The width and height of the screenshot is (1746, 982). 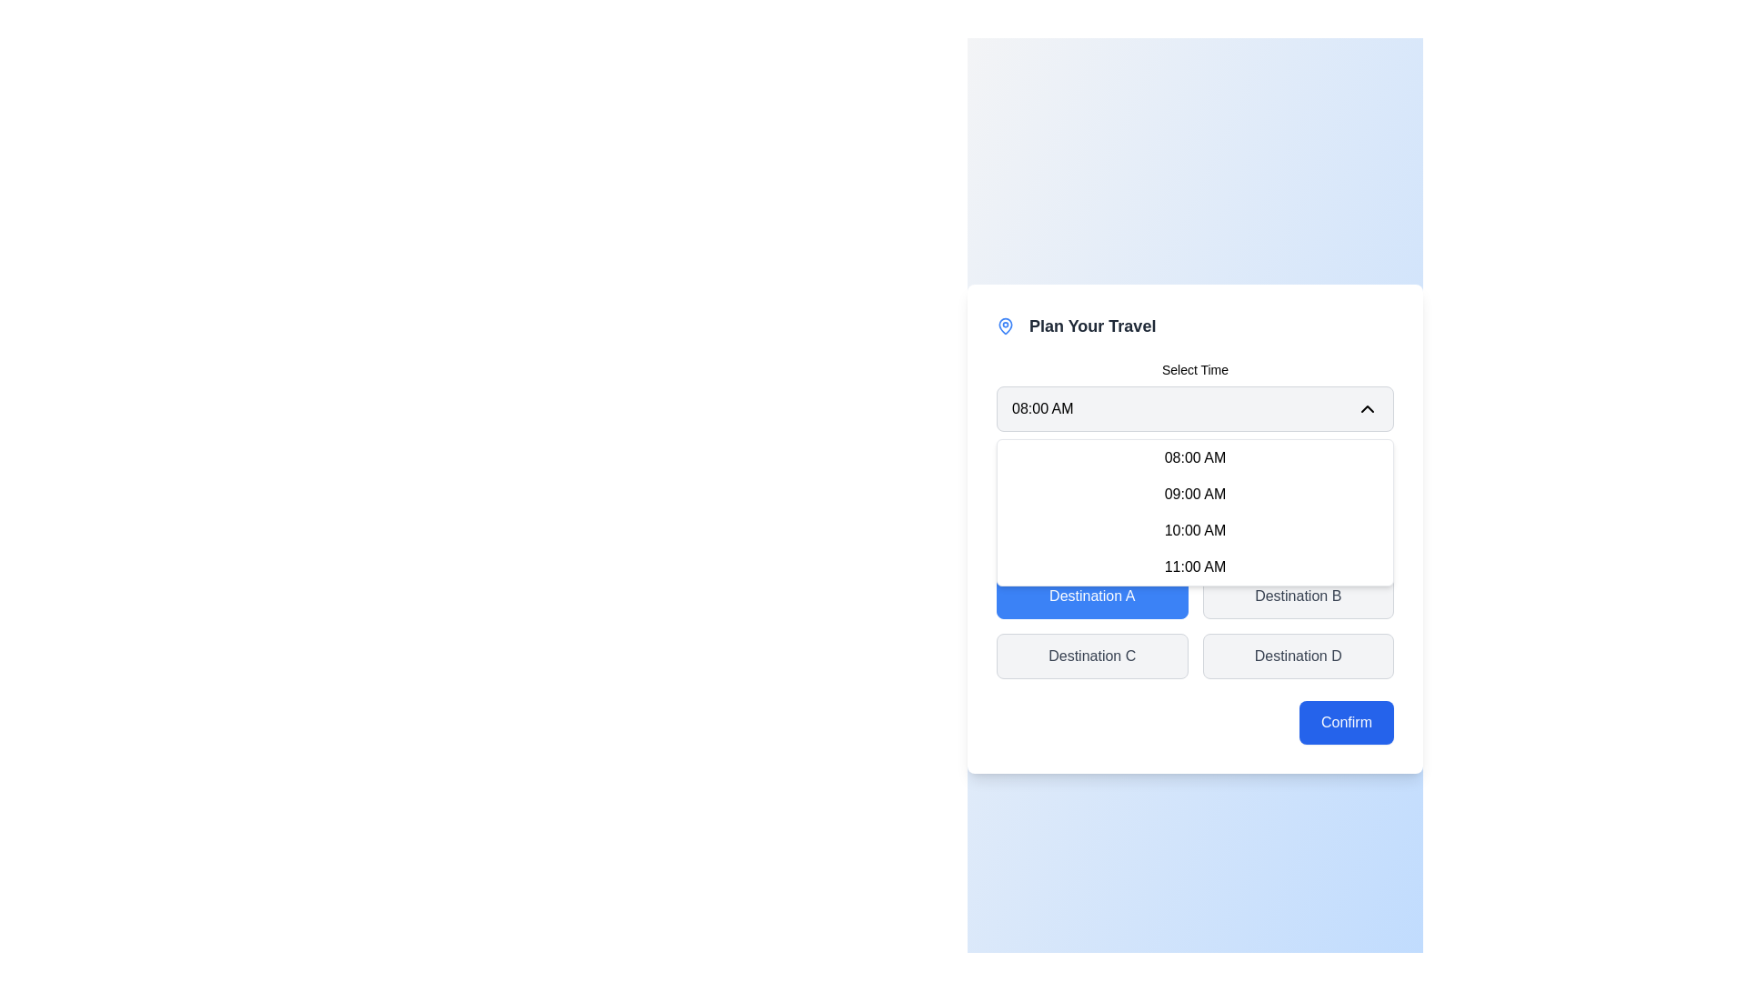 I want to click on the dropdown menu, so click(x=1195, y=395).